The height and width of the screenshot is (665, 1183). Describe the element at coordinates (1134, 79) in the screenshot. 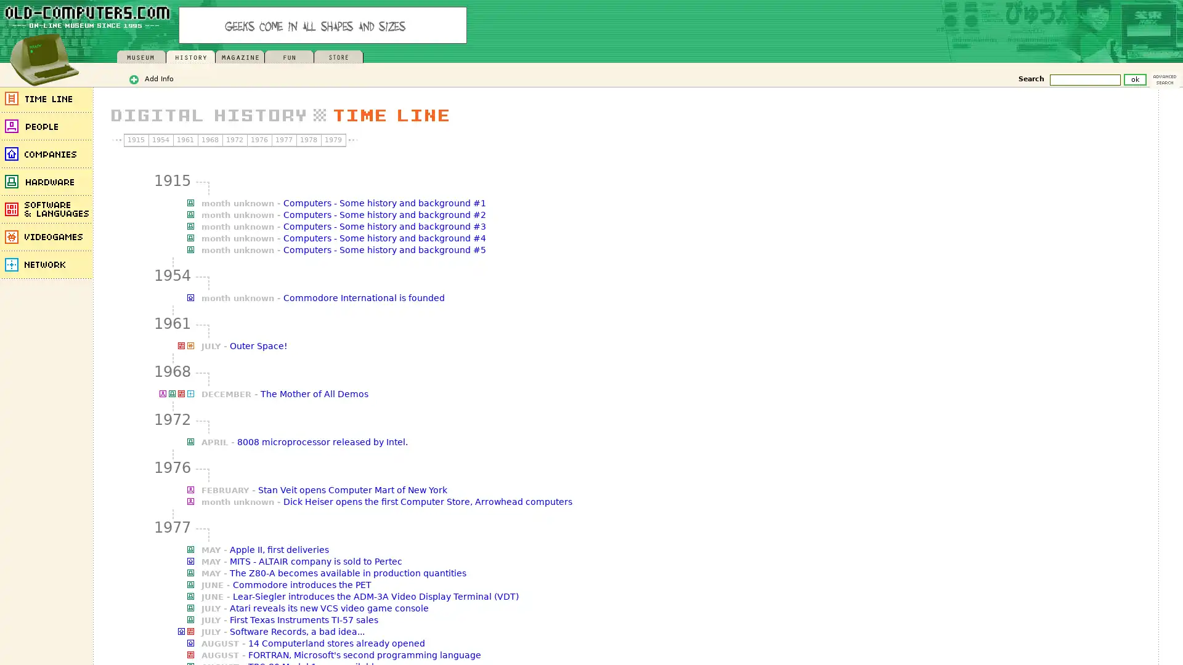

I see `ok` at that location.